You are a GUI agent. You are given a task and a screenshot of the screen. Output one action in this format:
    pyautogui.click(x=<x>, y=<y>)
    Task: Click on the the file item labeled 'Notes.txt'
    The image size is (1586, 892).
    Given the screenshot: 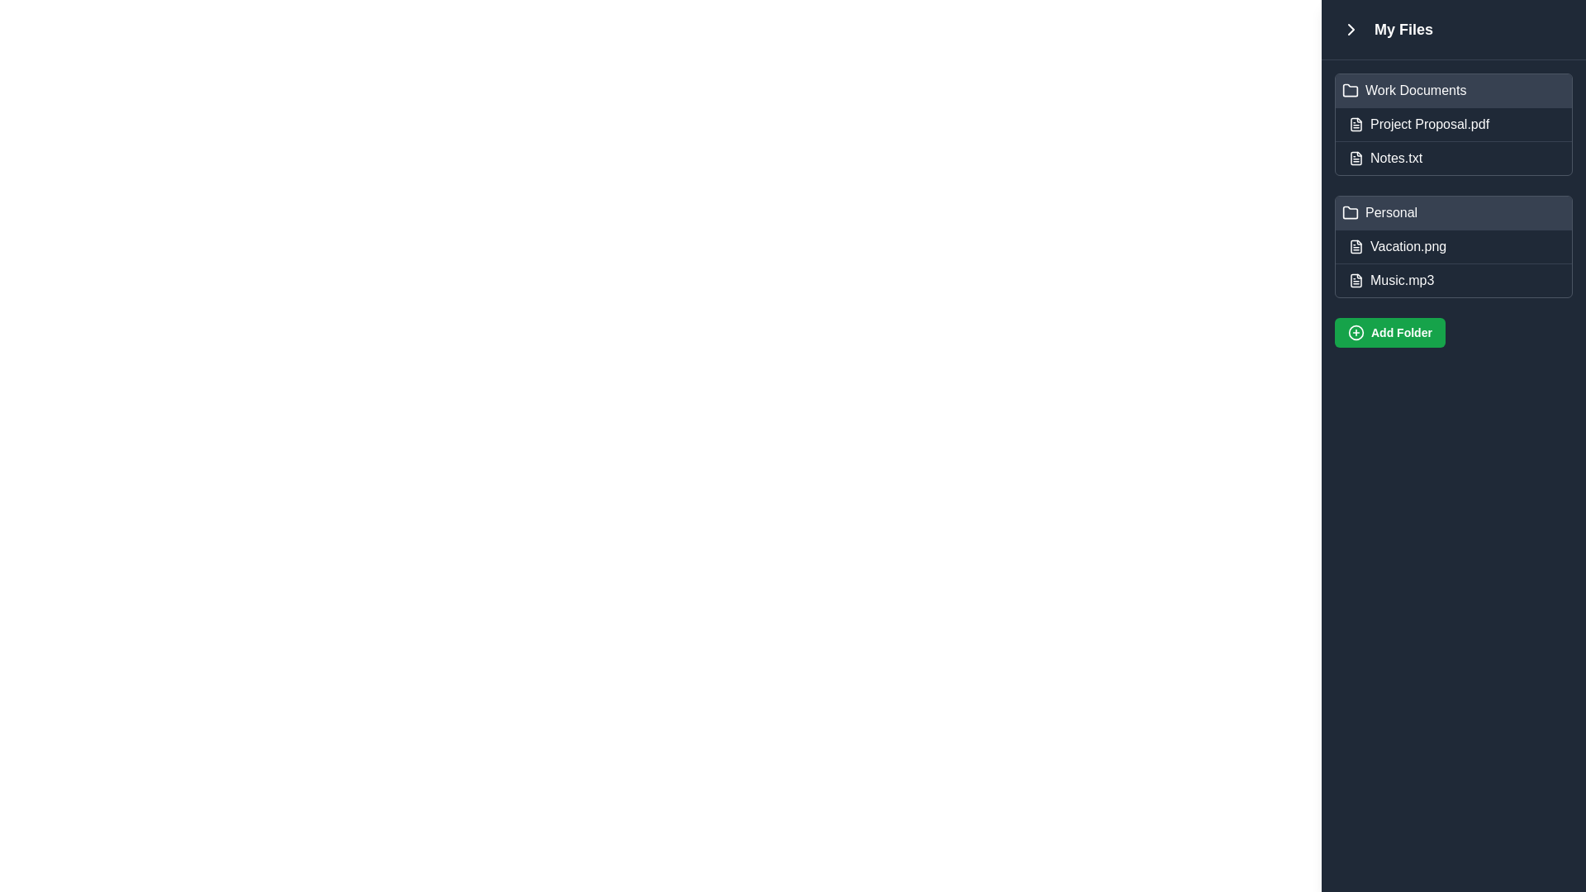 What is the action you would take?
    pyautogui.click(x=1454, y=158)
    